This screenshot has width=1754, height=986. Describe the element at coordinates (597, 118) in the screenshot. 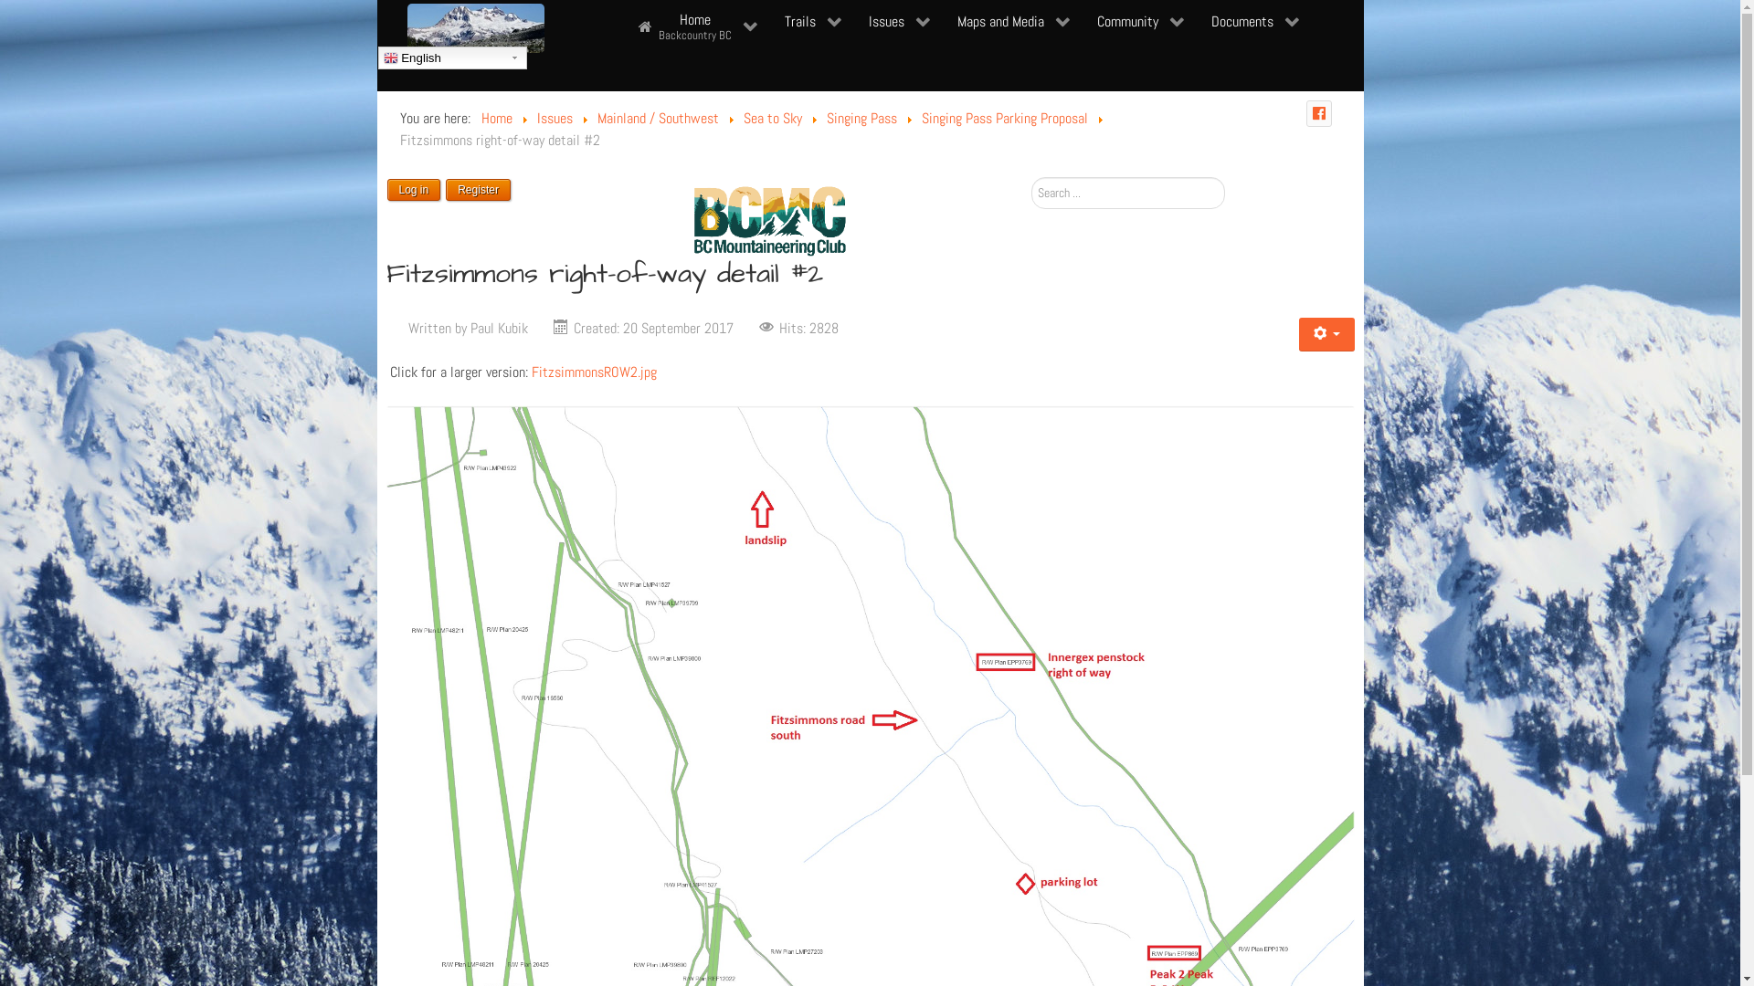

I see `'Mainland / Southwest'` at that location.